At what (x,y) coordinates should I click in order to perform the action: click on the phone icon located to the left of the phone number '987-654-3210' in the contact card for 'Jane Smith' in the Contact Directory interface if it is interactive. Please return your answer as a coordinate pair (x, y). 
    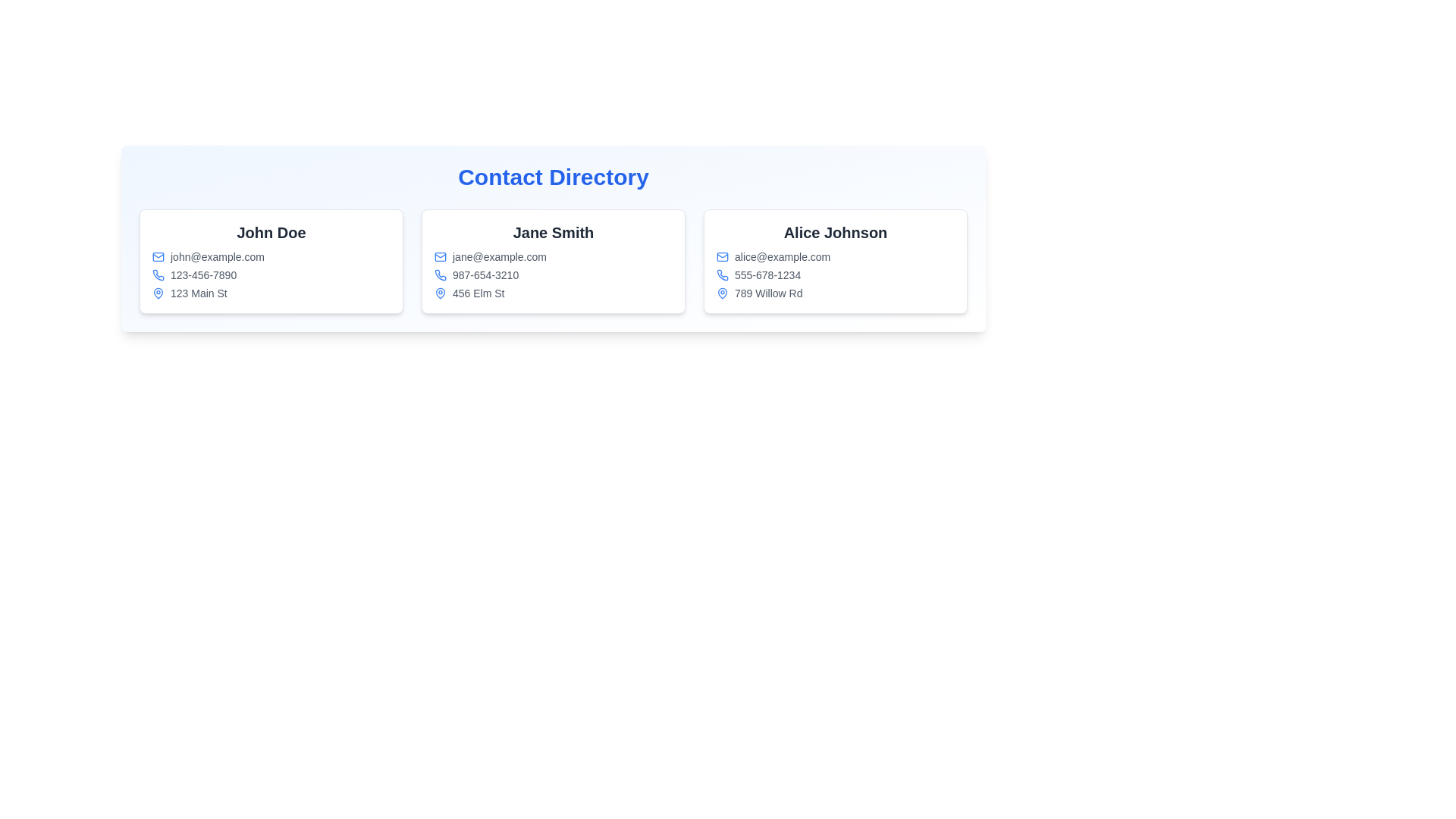
    Looking at the image, I should click on (439, 275).